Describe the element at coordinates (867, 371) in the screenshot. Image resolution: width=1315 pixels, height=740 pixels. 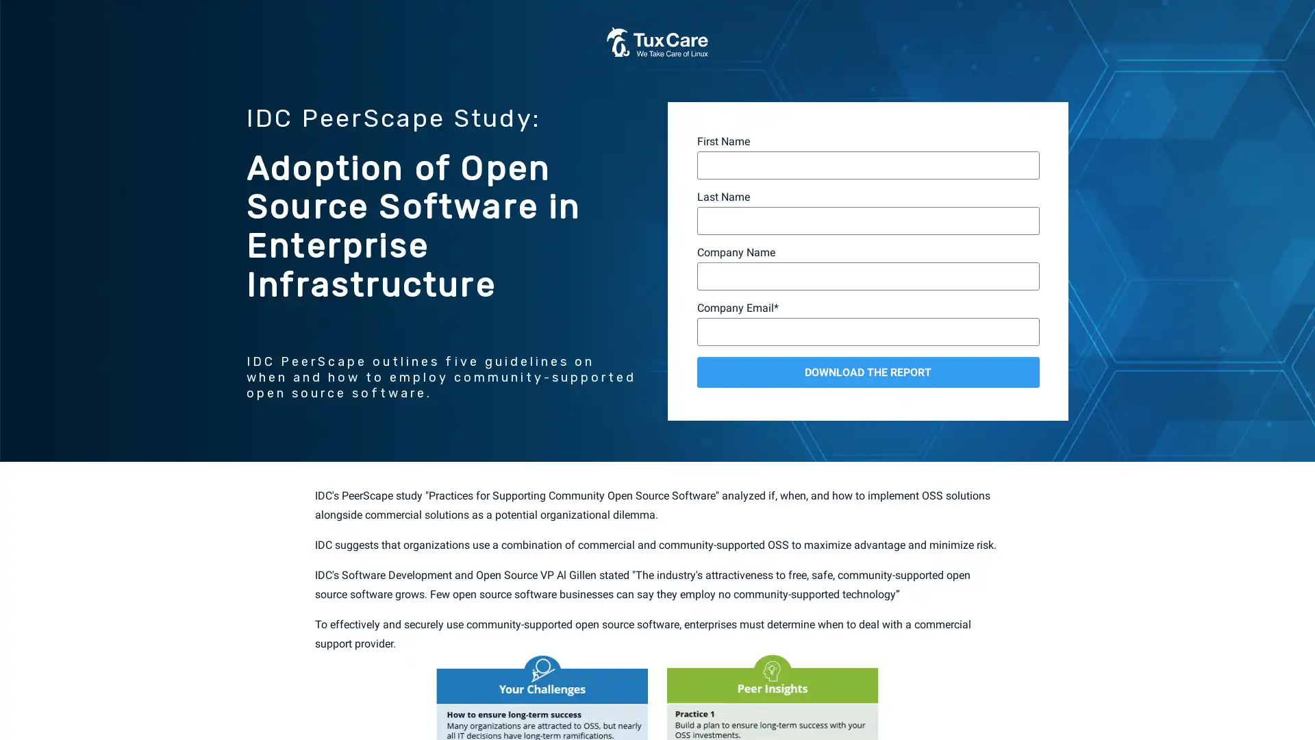
I see `Download The Report` at that location.